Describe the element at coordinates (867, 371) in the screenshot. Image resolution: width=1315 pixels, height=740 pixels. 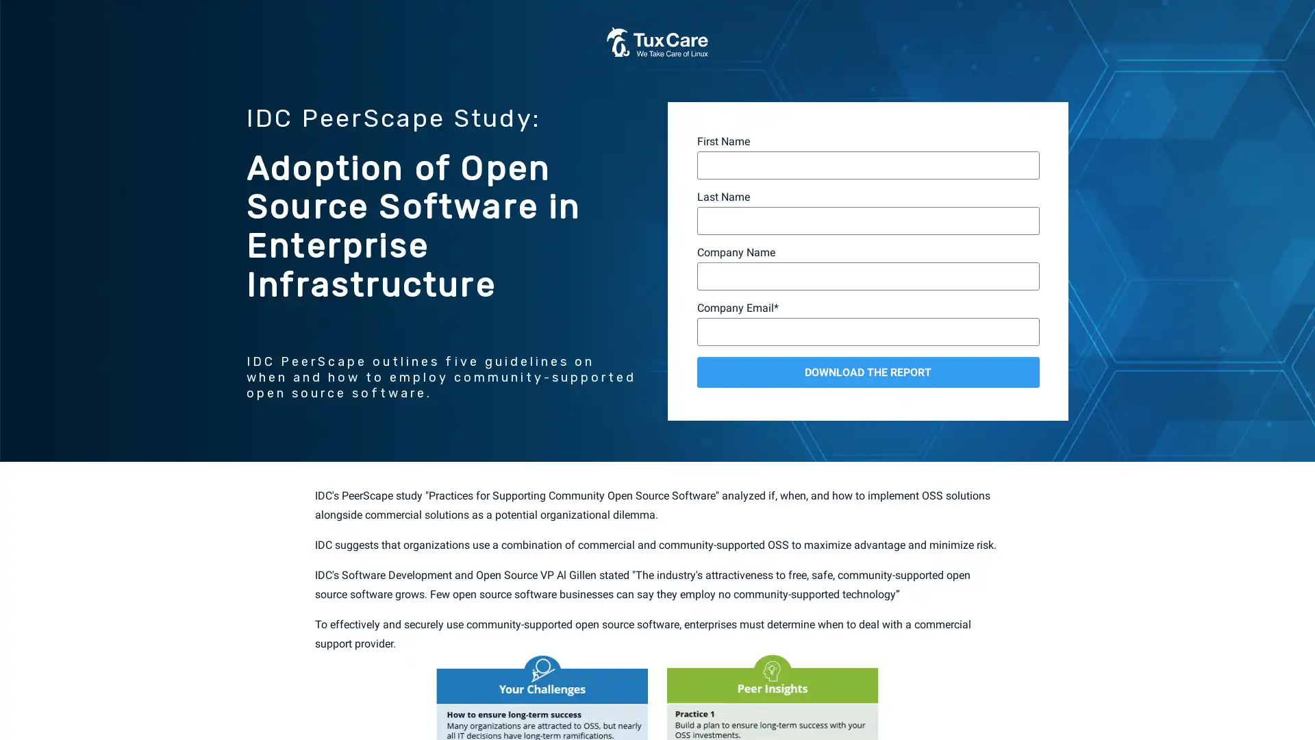
I see `Download The Report` at that location.